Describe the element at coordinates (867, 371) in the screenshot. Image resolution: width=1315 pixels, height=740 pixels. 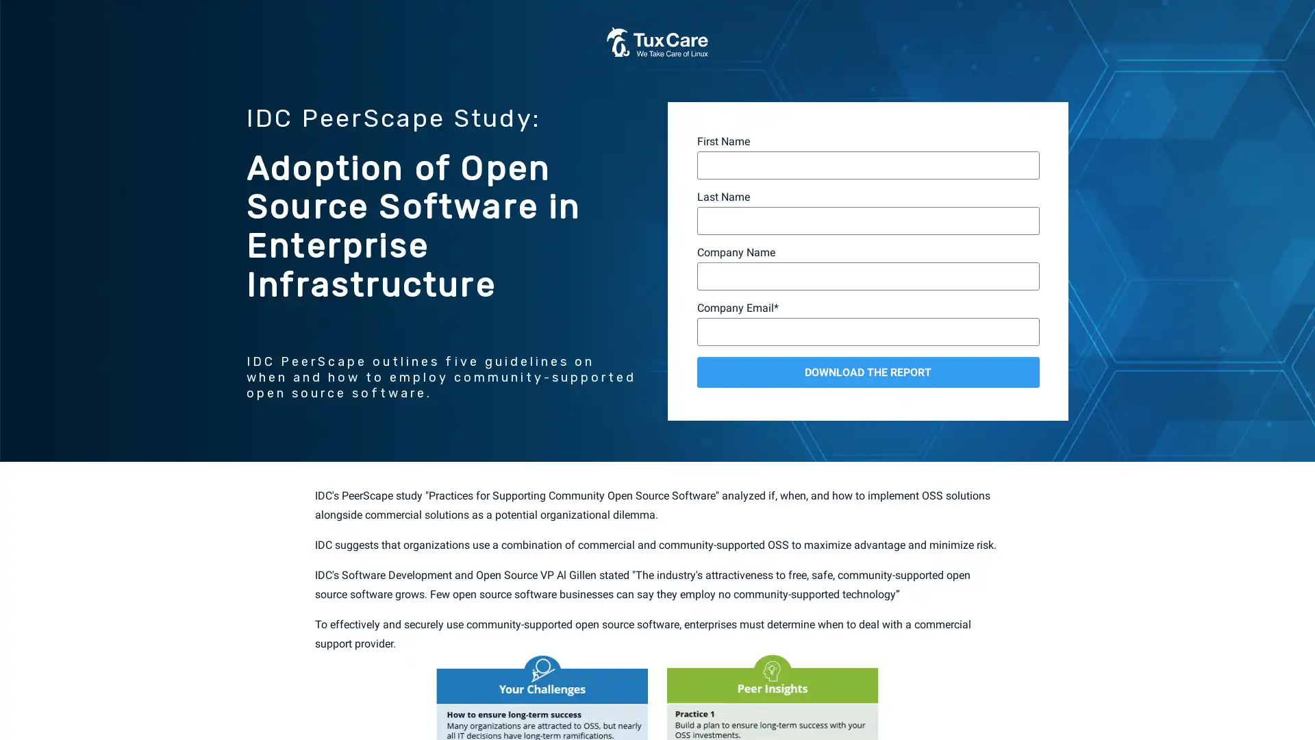
I see `Download The Report` at that location.